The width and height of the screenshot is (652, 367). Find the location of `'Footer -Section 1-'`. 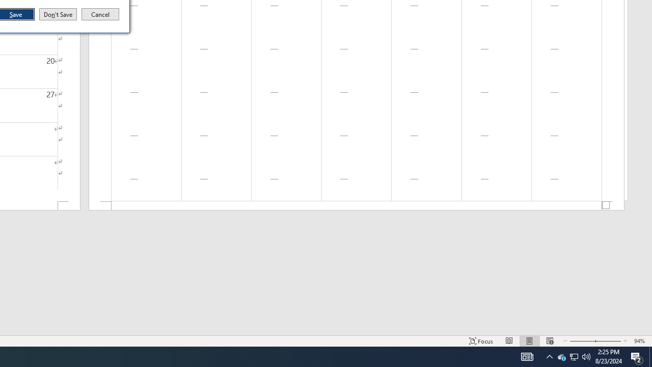

'Footer -Section 1-' is located at coordinates (357, 206).